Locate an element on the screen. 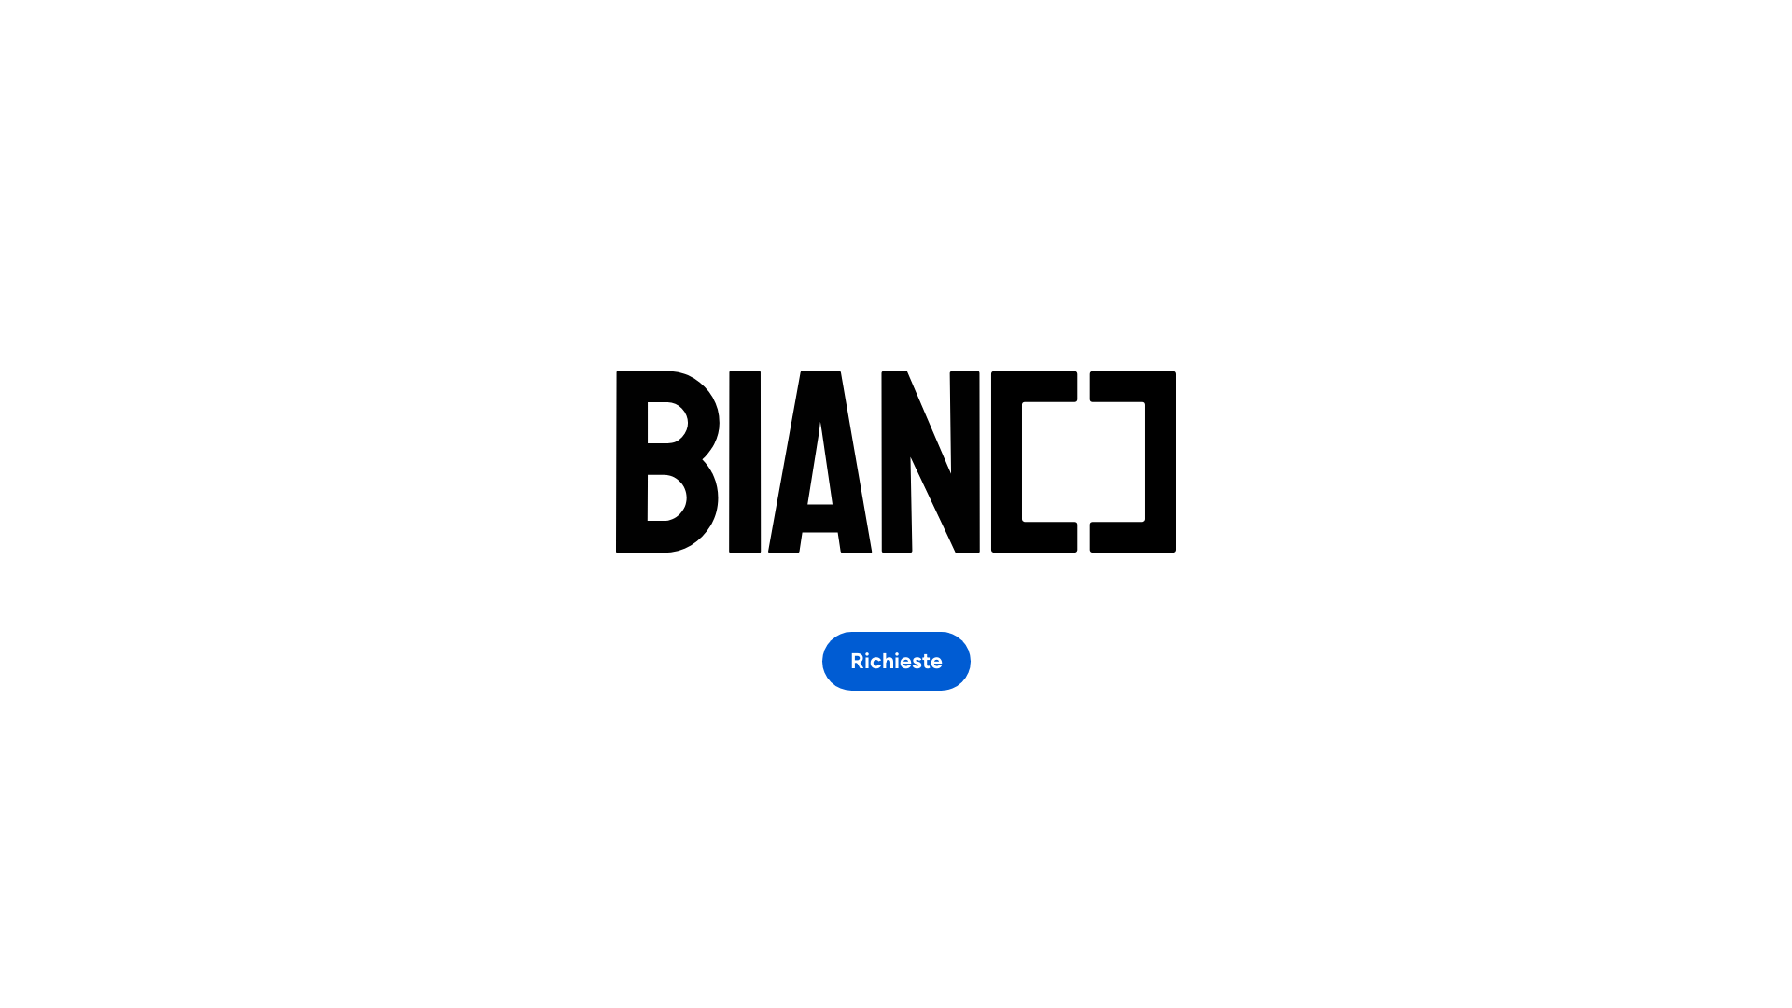  'Richieste' is located at coordinates (894, 660).